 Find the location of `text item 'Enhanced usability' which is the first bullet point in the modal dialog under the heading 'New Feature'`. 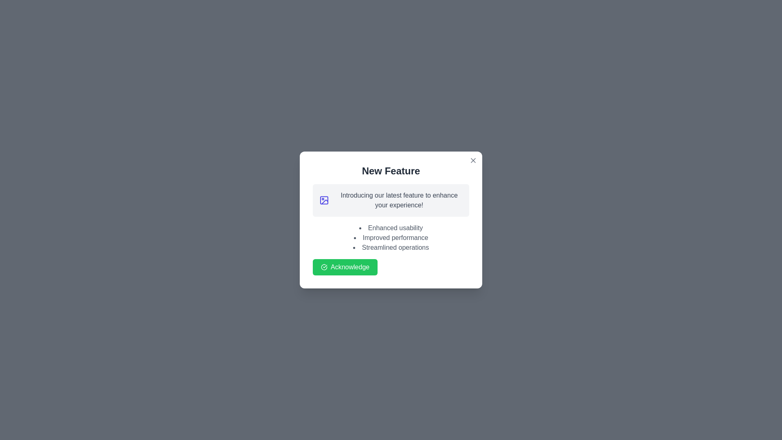

text item 'Enhanced usability' which is the first bullet point in the modal dialog under the heading 'New Feature' is located at coordinates (391, 228).